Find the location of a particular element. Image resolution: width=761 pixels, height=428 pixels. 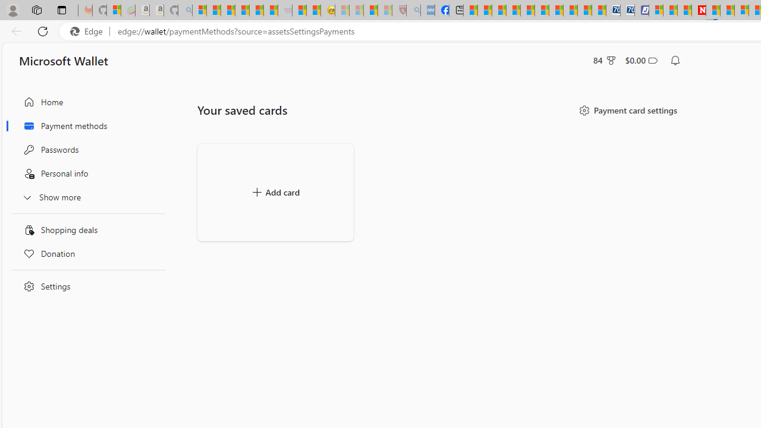

'Personal info' is located at coordinates (85, 174).